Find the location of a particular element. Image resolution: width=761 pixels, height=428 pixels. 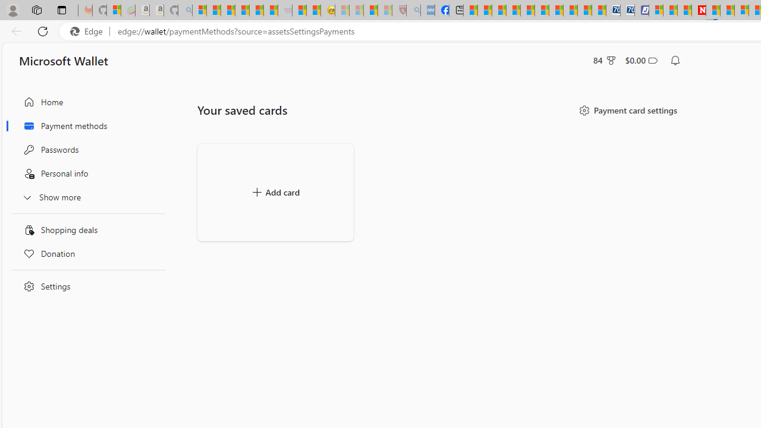

'Personal info' is located at coordinates (85, 174).